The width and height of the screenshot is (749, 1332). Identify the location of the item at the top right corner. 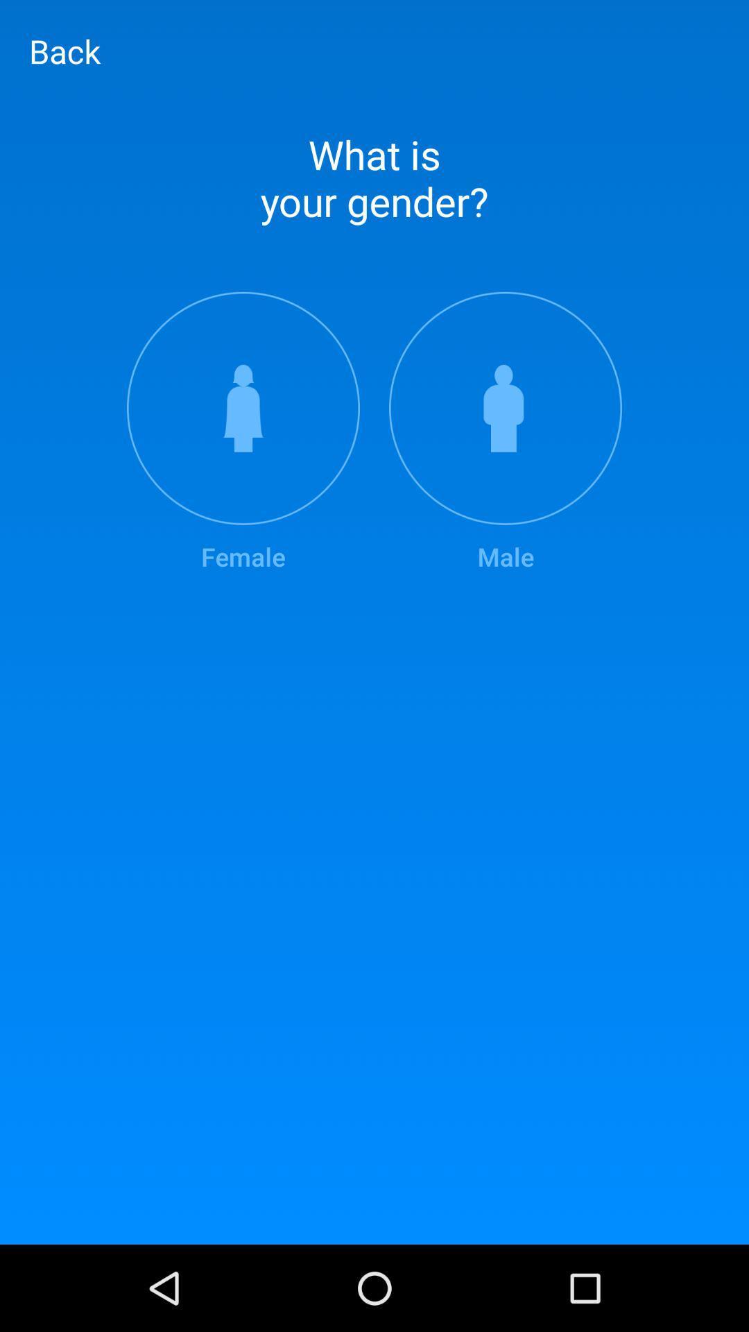
(506, 432).